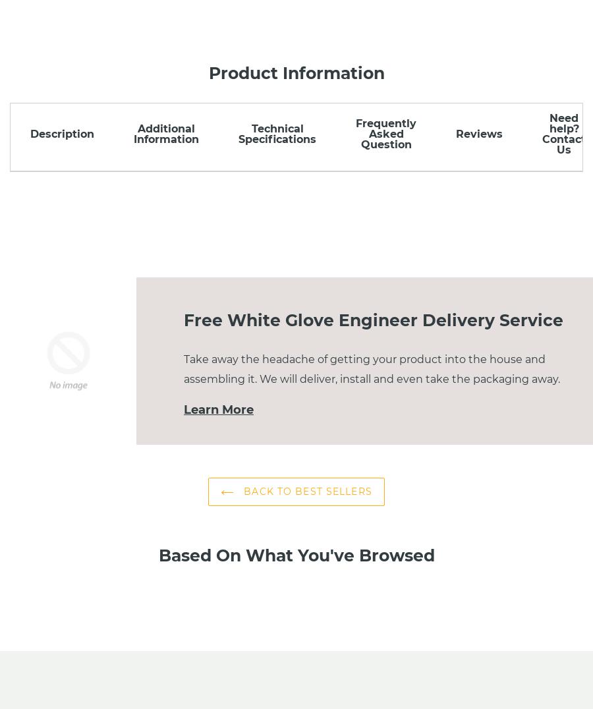 This screenshot has height=709, width=593. Describe the element at coordinates (305, 490) in the screenshot. I see `'Back to Best Sellers'` at that location.